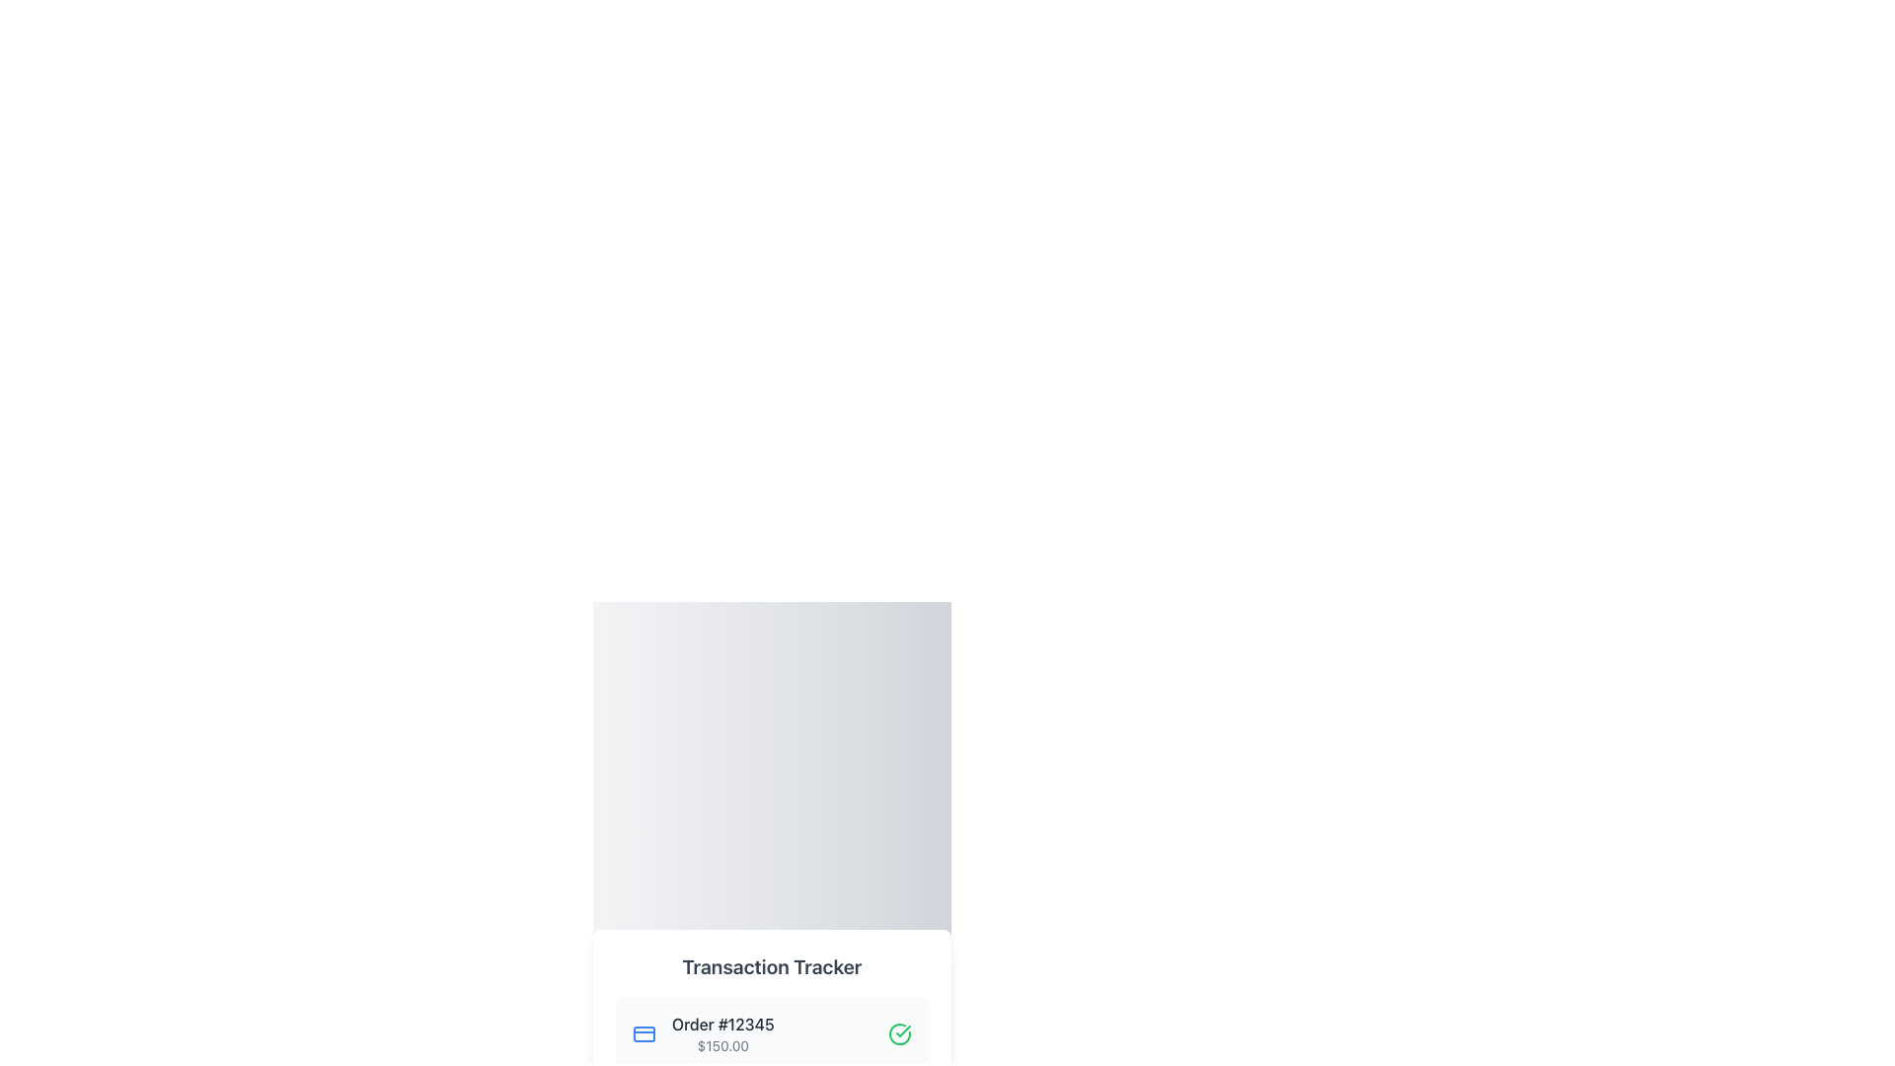 The height and width of the screenshot is (1066, 1895). What do you see at coordinates (771, 965) in the screenshot?
I see `text of the 'Transaction Tracker' label, which is a bold gray text located at the top of a white rectangular card interface` at bounding box center [771, 965].